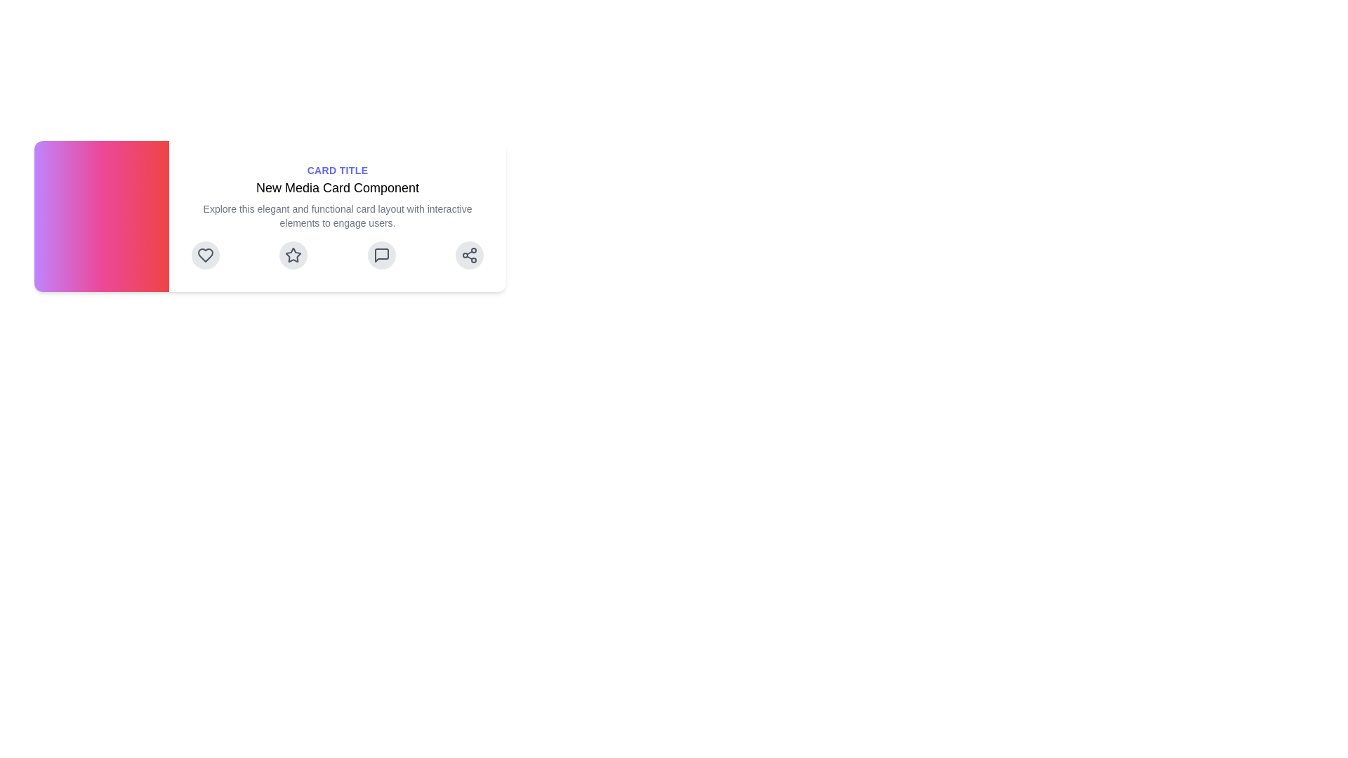 The width and height of the screenshot is (1348, 758). What do you see at coordinates (381, 255) in the screenshot?
I see `the message/comment icon, which is the third button from the left in a horizontal row of circular buttons beneath the main card content` at bounding box center [381, 255].